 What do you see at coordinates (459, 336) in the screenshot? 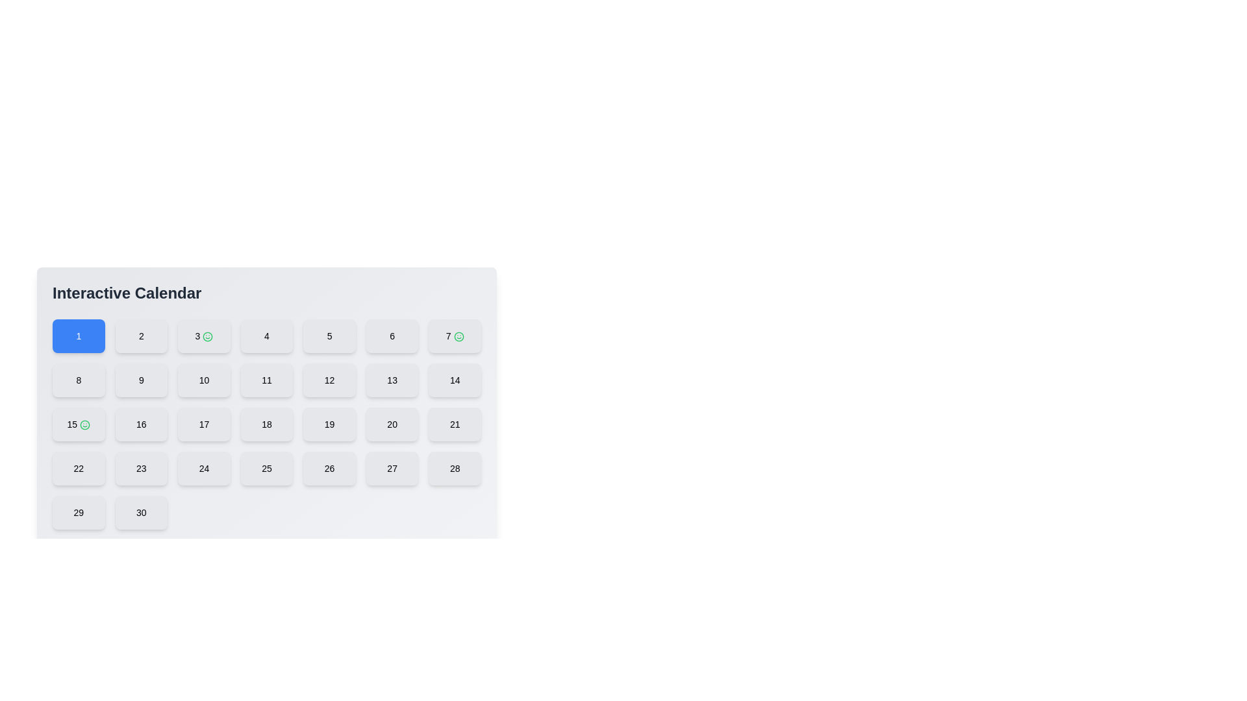
I see `the SVG icon indicating a positive status located in the top-right corner of the calendar cell associated with the number '7'` at bounding box center [459, 336].